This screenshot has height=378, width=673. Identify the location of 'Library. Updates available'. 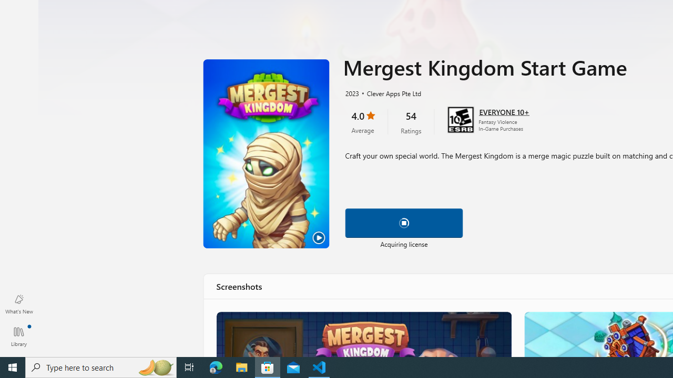
(18, 336).